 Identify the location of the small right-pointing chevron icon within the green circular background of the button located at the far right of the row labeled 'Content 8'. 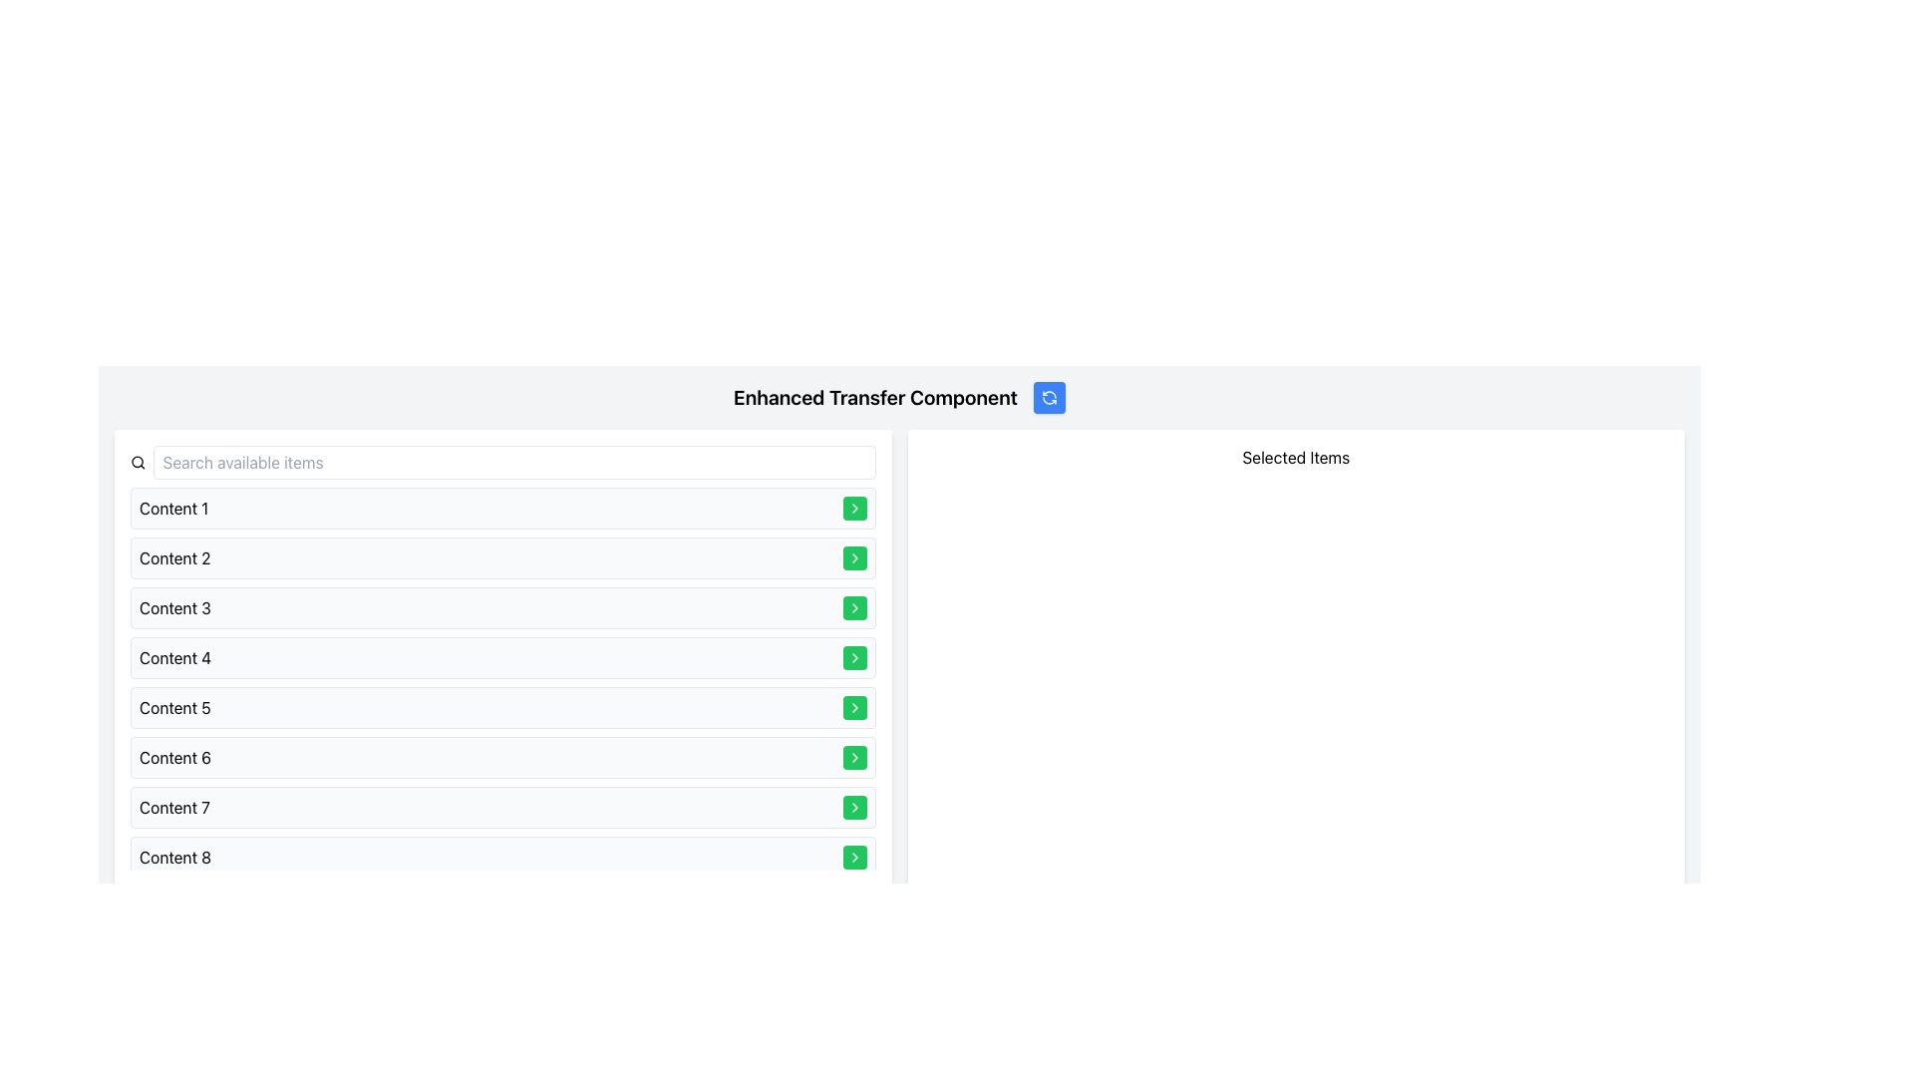
(854, 857).